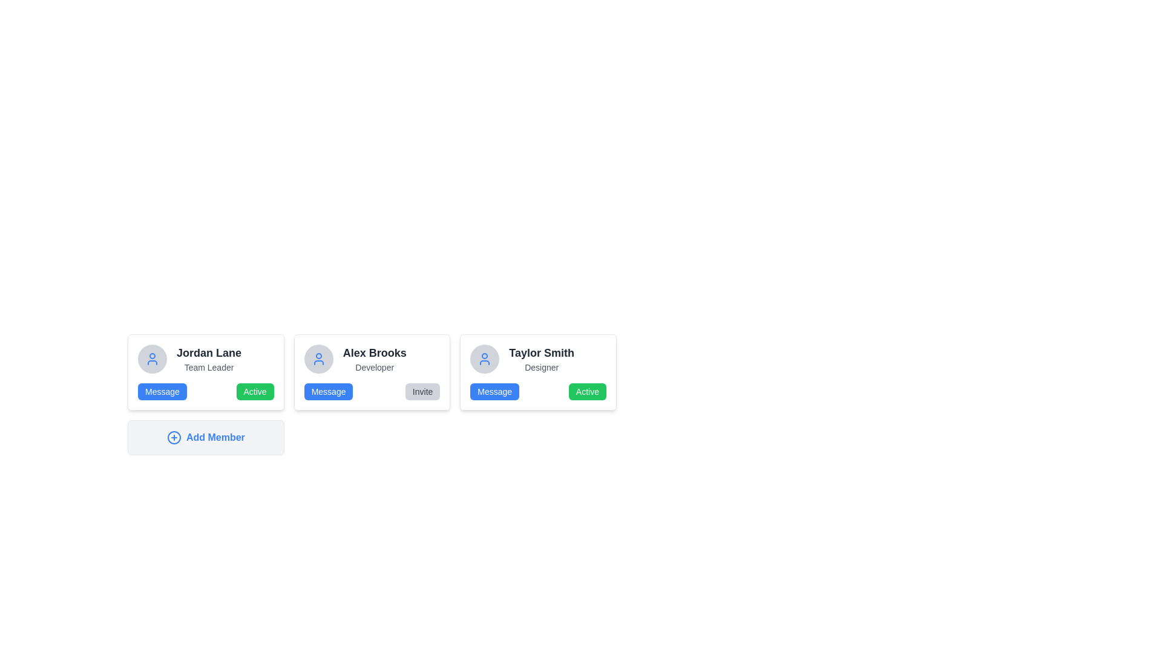 This screenshot has width=1162, height=653. What do you see at coordinates (541, 367) in the screenshot?
I see `the text label that indicates the role or designation of 'Taylor Smith', which is located directly below their name and above the blue 'Message' button` at bounding box center [541, 367].